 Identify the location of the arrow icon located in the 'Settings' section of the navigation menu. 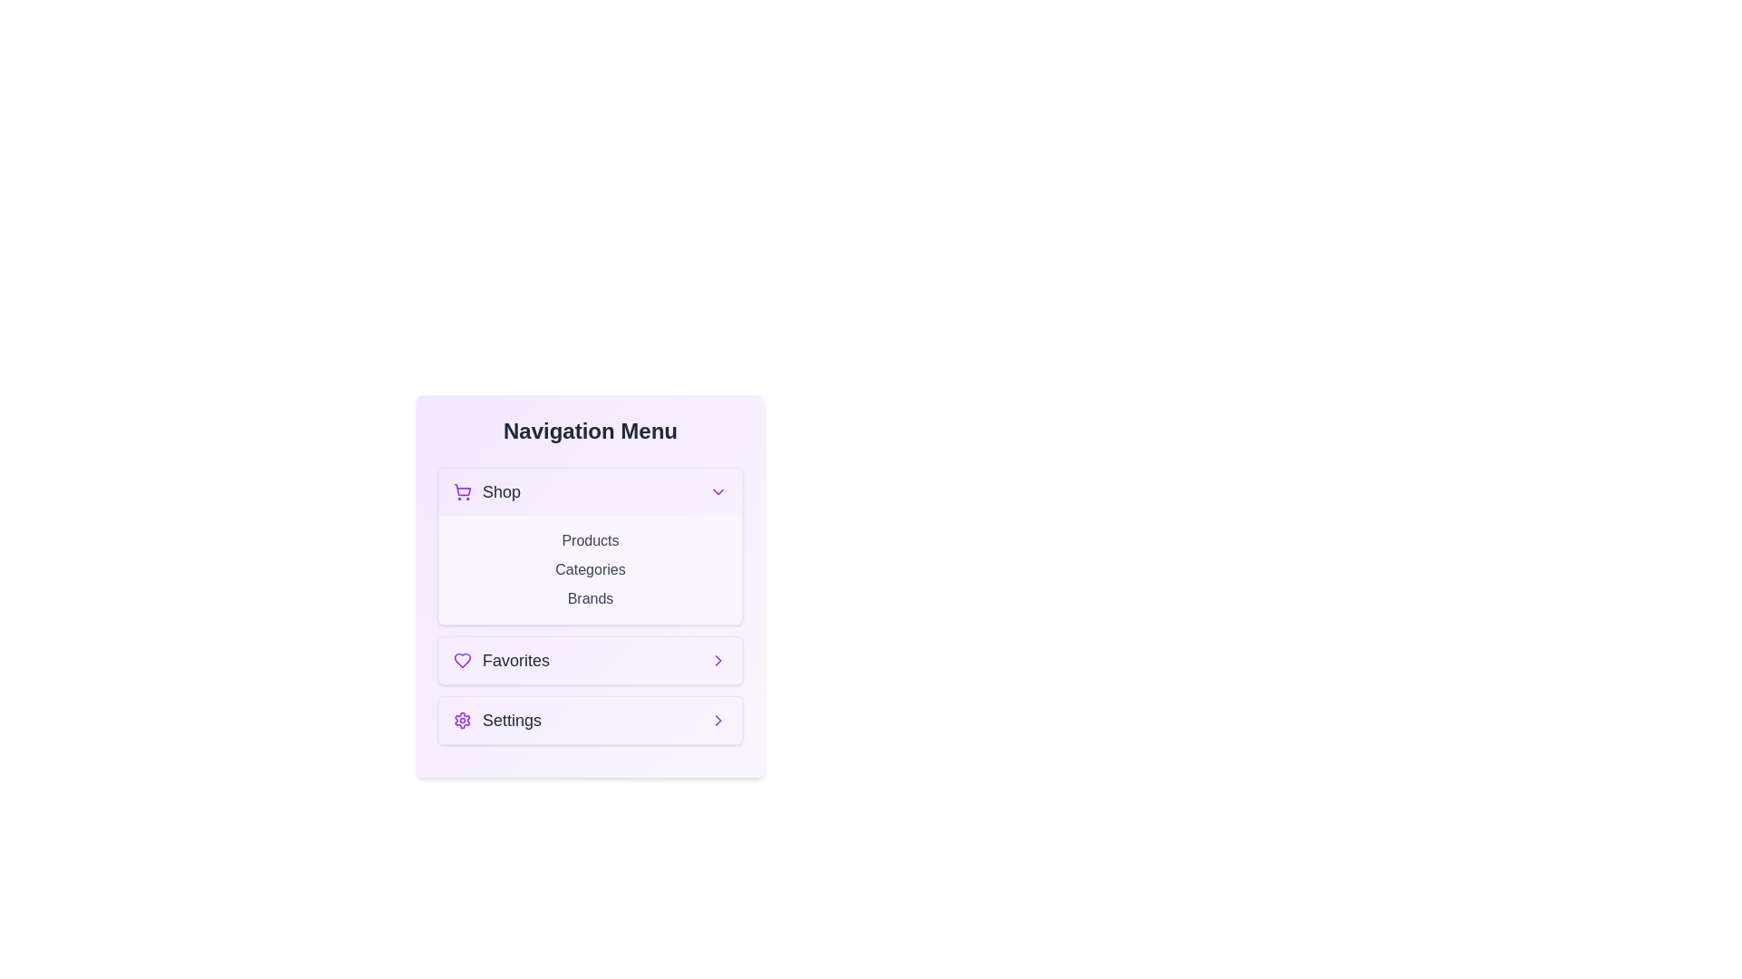
(718, 719).